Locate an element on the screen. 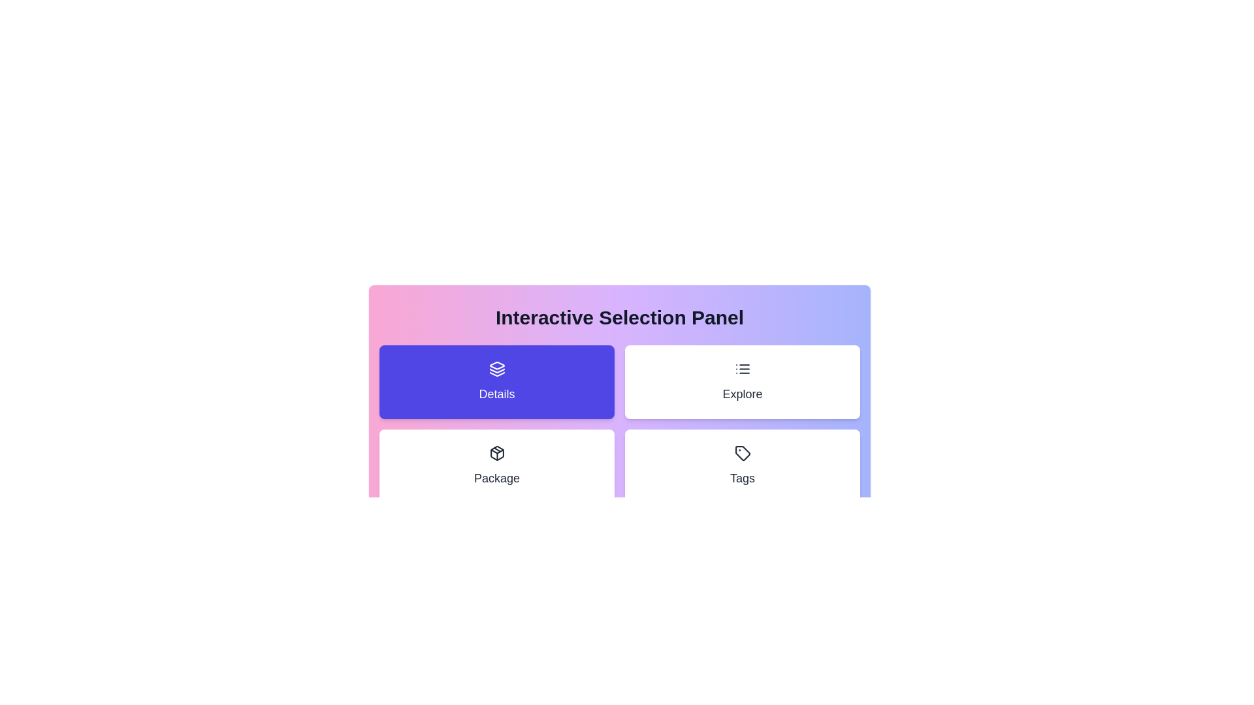 The image size is (1254, 705). the small tag or label icon represented as an SVG Icon located in the bottom-right section of the 'Tags' card is located at coordinates (743, 452).